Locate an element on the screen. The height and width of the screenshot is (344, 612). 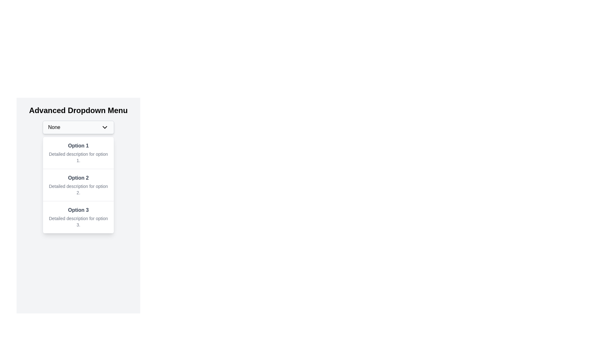
the second list item in the dropdown menu is located at coordinates (78, 185).